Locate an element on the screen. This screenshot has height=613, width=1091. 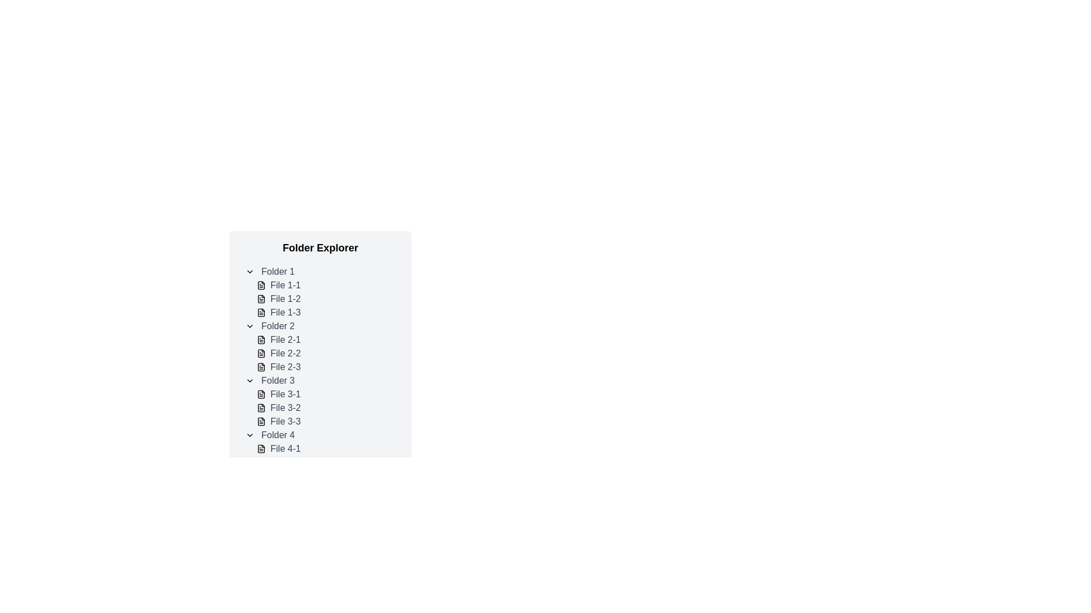
the file labeled 'File 1-2' under the 'Folder 1' group is located at coordinates (320, 292).